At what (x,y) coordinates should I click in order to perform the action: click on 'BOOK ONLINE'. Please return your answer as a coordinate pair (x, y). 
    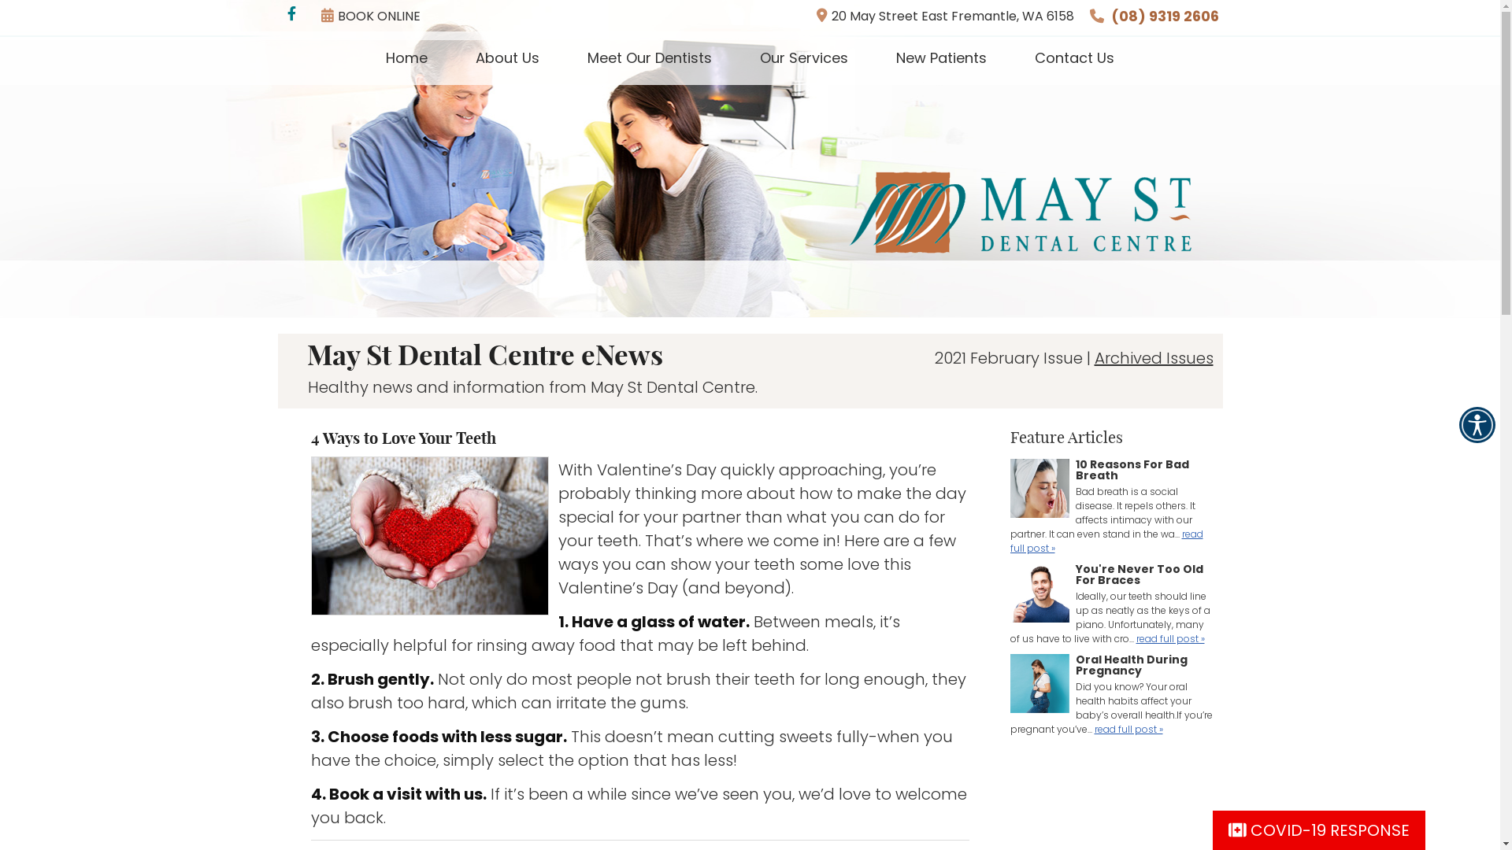
    Looking at the image, I should click on (369, 15).